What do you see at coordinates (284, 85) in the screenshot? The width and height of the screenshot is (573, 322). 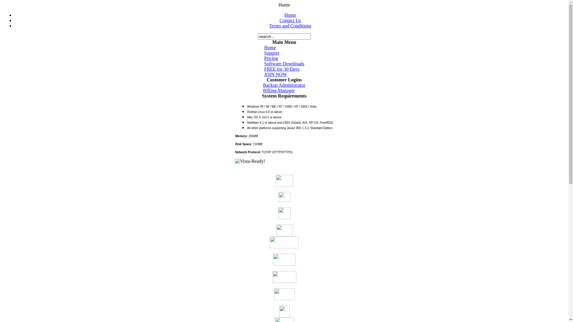 I see `'Backup Administrator'` at bounding box center [284, 85].